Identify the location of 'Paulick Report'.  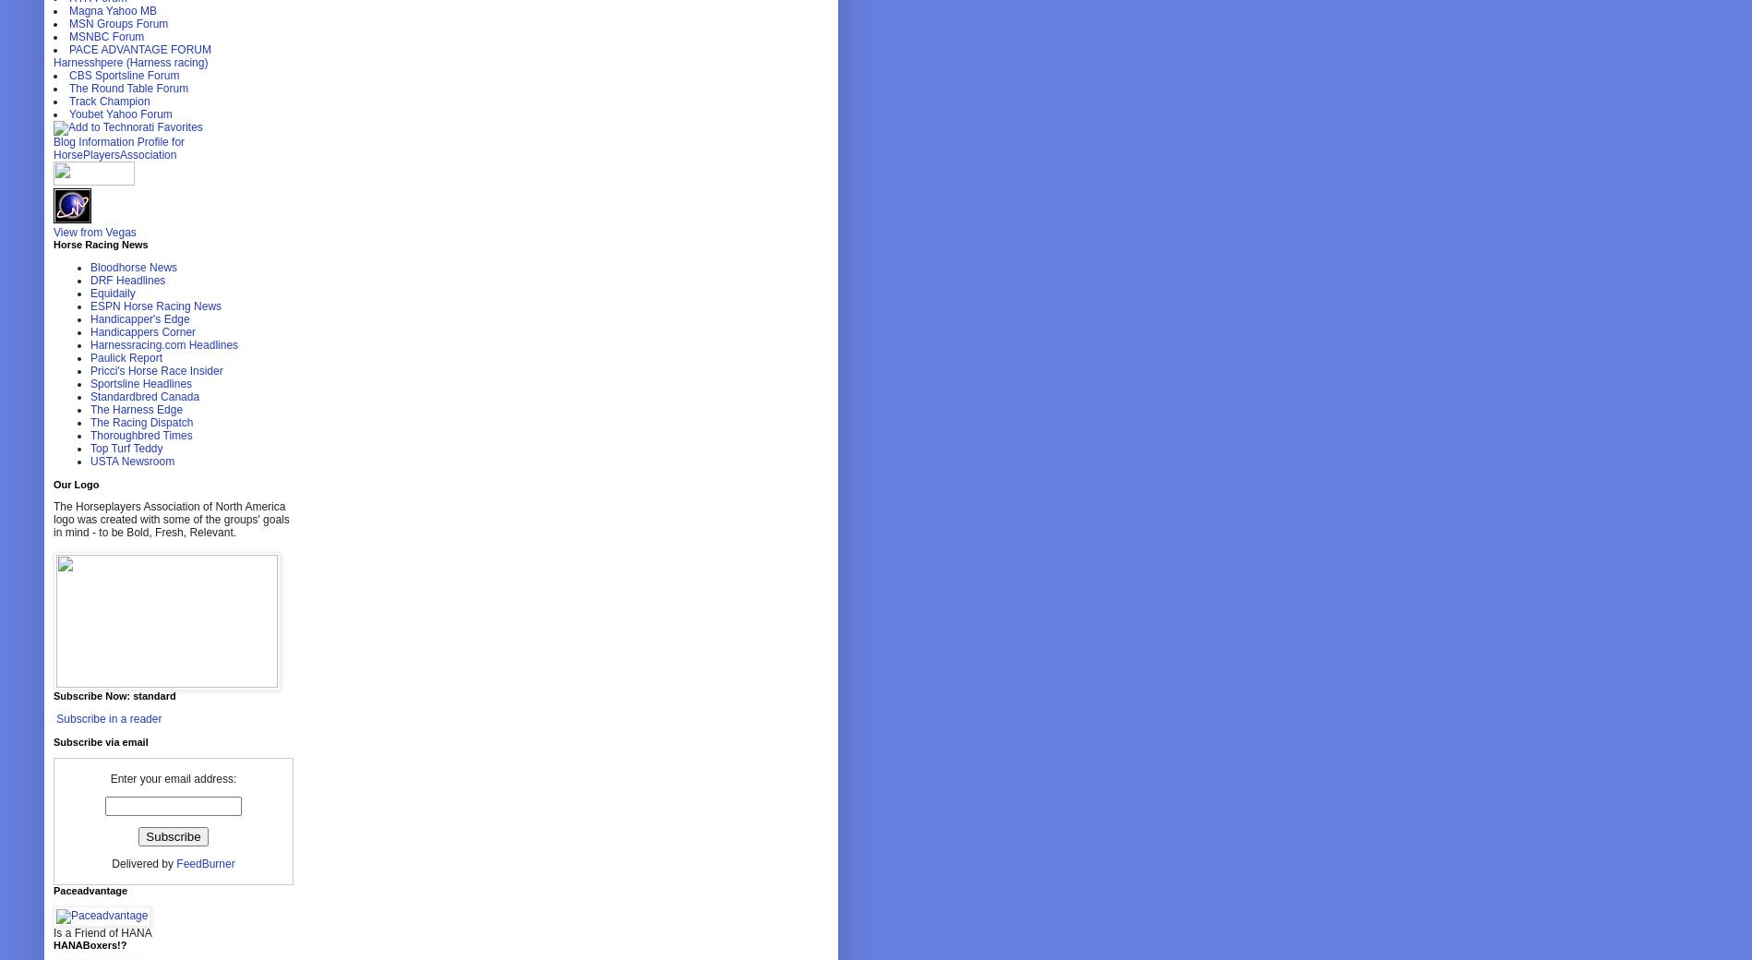
(126, 357).